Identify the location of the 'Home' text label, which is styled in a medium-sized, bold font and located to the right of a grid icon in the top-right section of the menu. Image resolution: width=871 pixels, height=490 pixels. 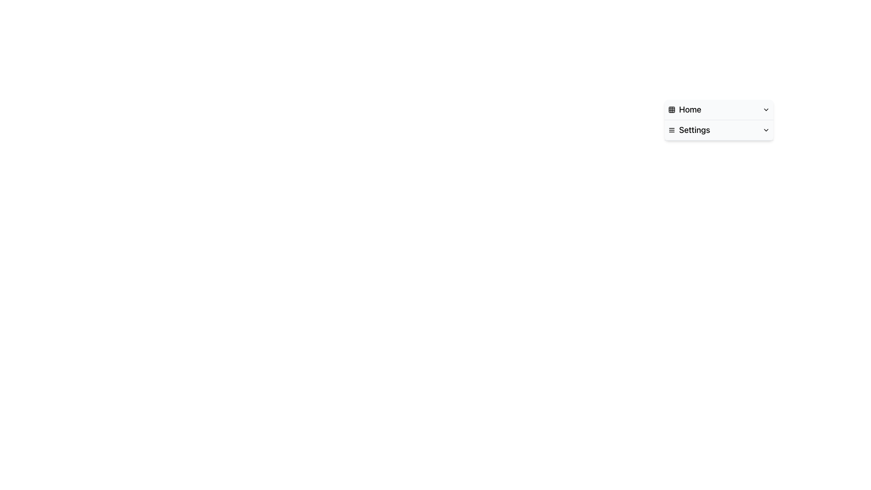
(690, 109).